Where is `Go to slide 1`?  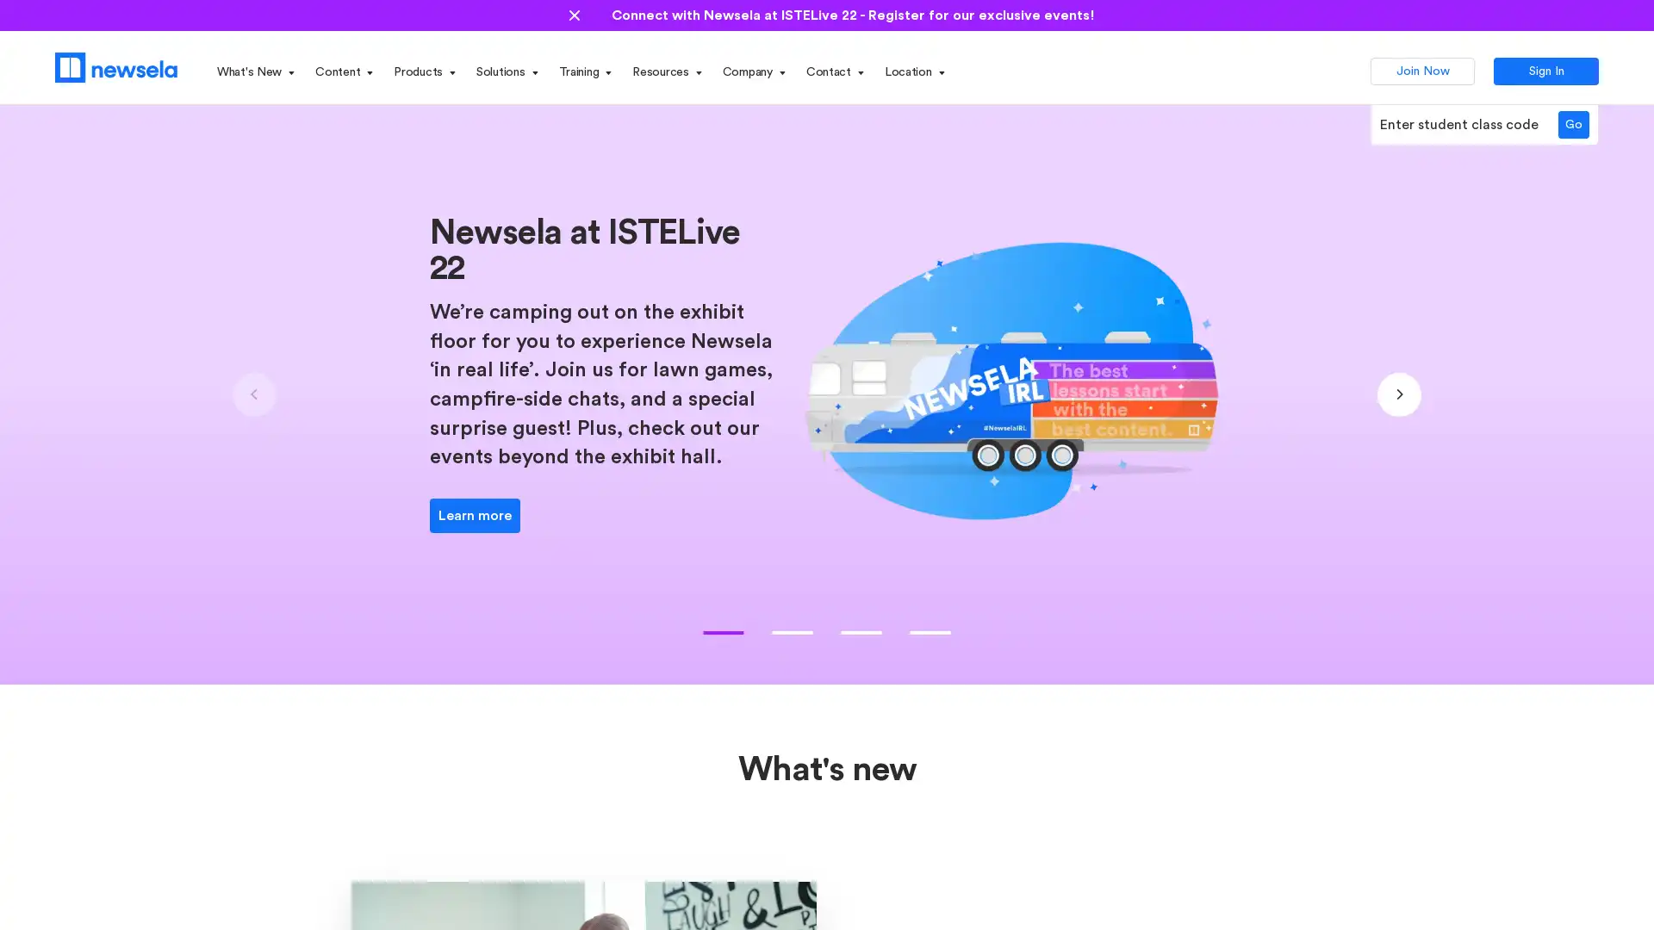 Go to slide 1 is located at coordinates (792, 633).